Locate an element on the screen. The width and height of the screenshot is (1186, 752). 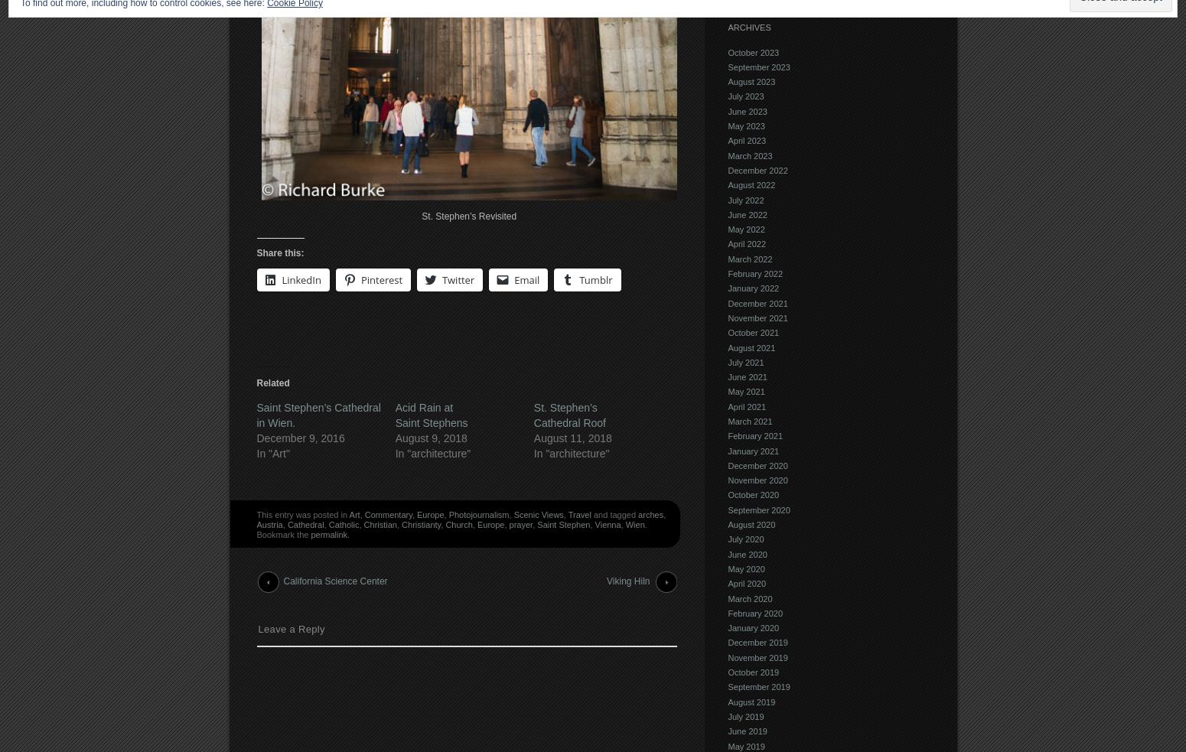
'July 2022' is located at coordinates (745, 199).